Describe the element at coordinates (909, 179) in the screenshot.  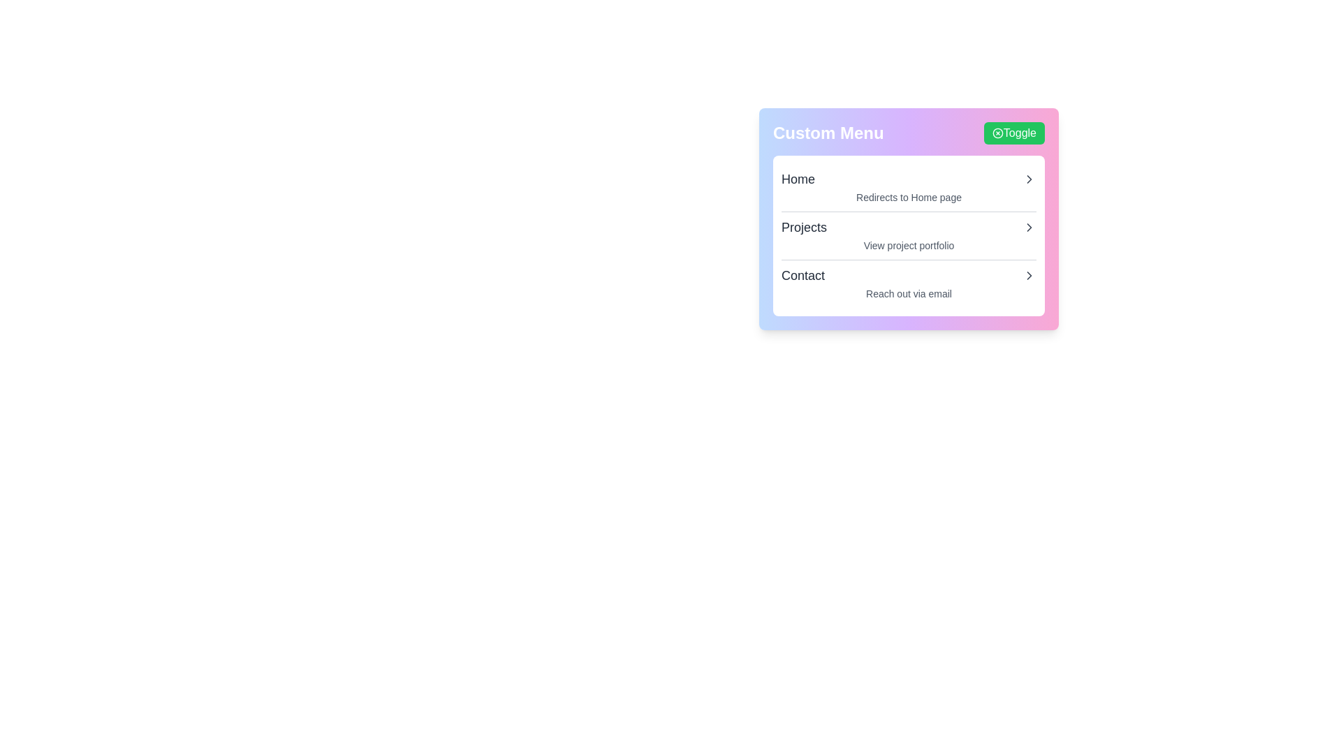
I see `the menu item Home` at that location.